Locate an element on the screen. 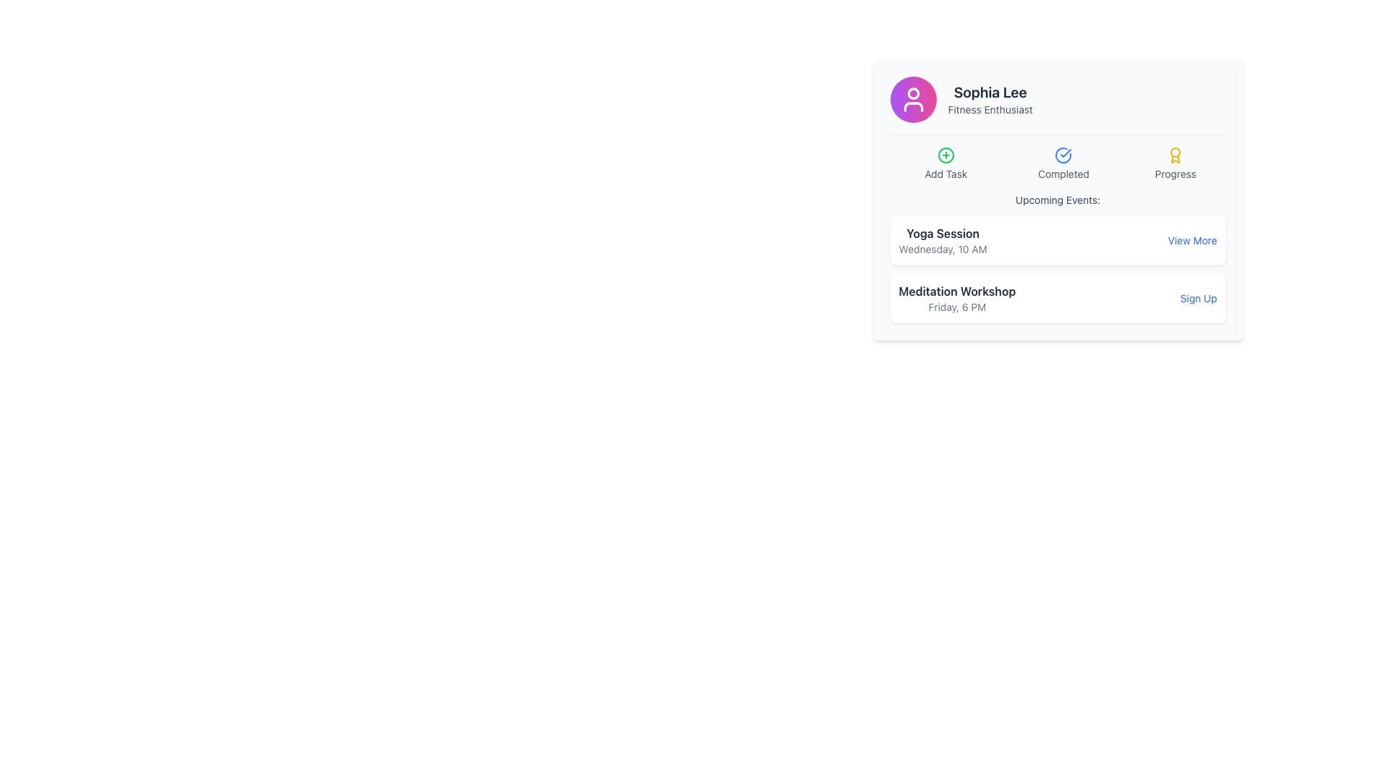  the informational Text Display element that presents details about the 'Meditation Workshop' scheduled for 'Friday, 6 PM', located in the lower section of the event card, adjacent to the 'Sign Up' button is located at coordinates (957, 297).